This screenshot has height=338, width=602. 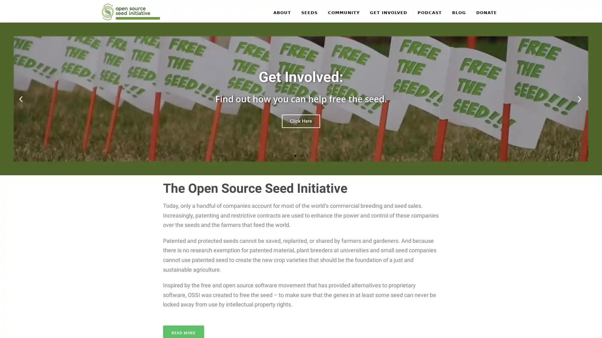 I want to click on Next slide, so click(x=580, y=99).